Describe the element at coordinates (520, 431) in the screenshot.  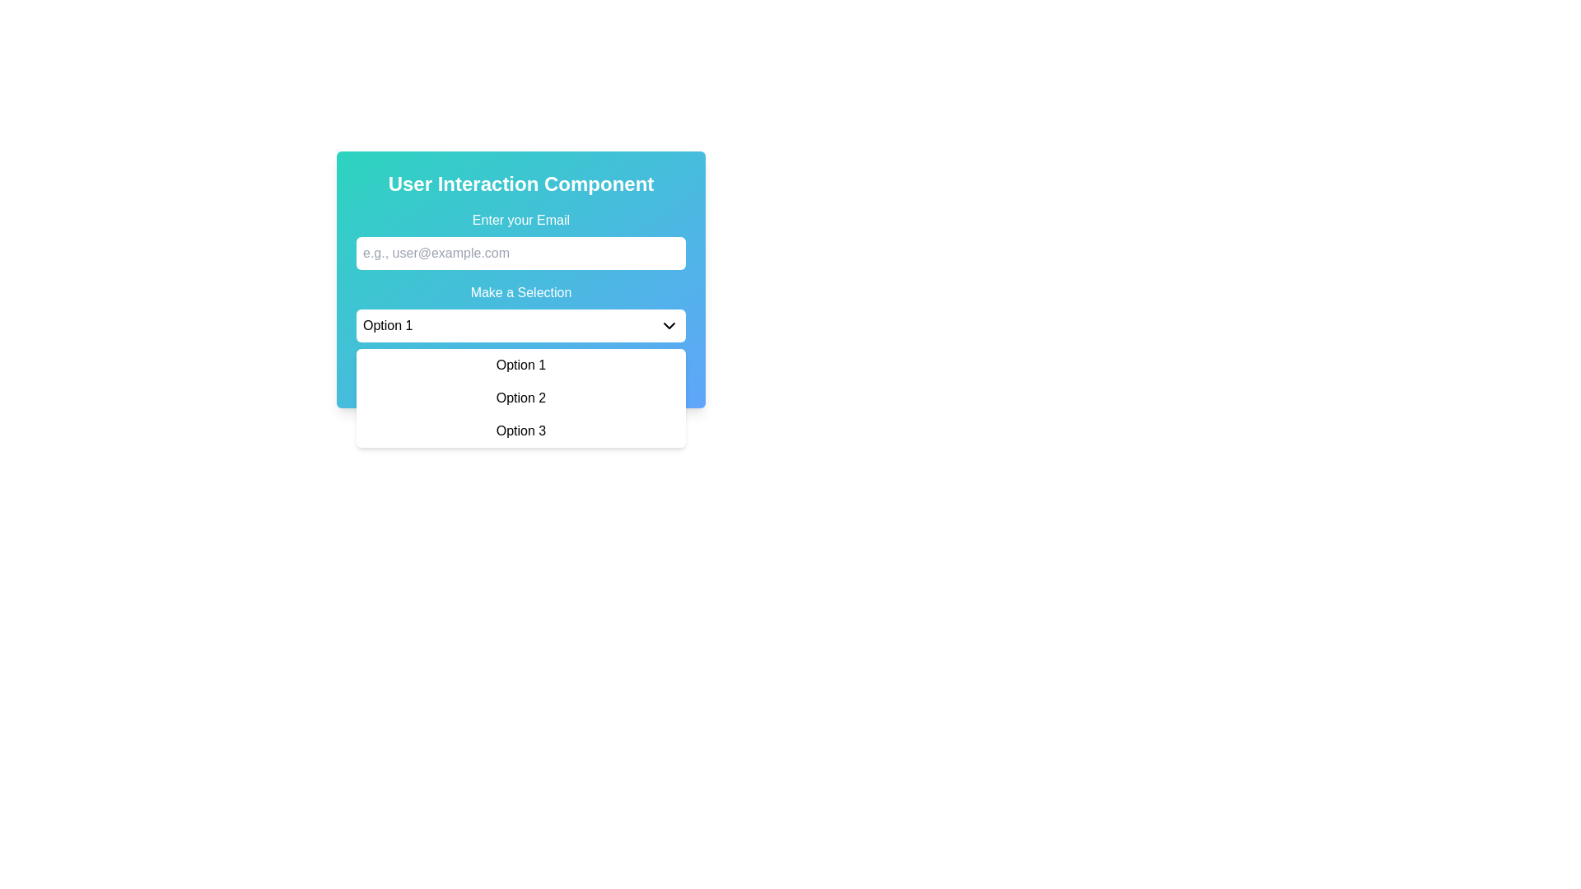
I see `the Dropdown list option displaying 'Option 3' by clicking on it` at that location.